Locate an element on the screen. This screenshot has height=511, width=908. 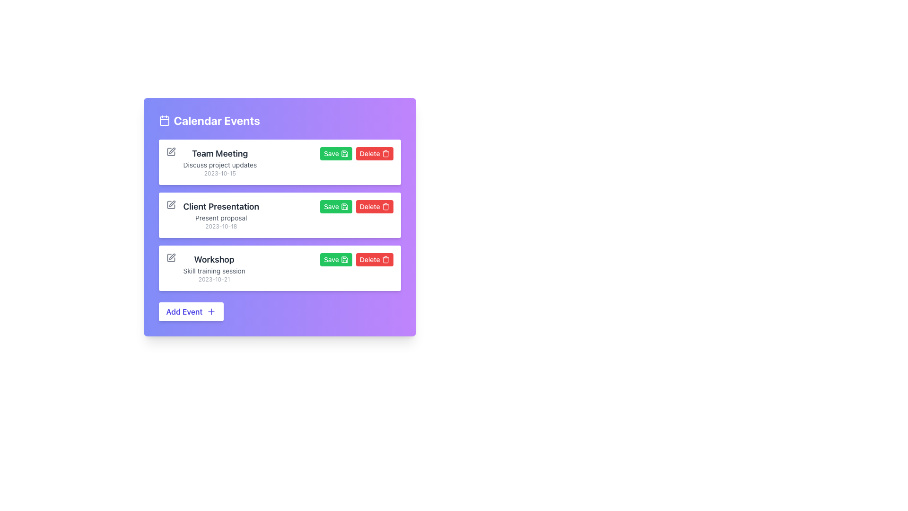
the Save button icon representing a file or disk save symbol, which has a green background and is located in the third event titled 'Workshop' in the Calendar Events list is located at coordinates (344, 259).